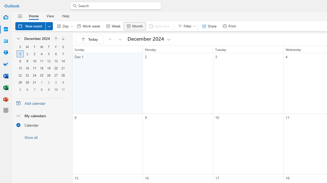 The width and height of the screenshot is (327, 183). I want to click on 'Go to previous month November', so click(56, 38).